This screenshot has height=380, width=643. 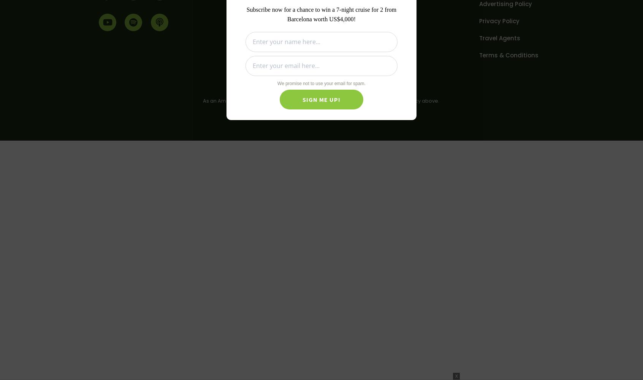 What do you see at coordinates (321, 99) in the screenshot?
I see `'Sign Me Up!'` at bounding box center [321, 99].